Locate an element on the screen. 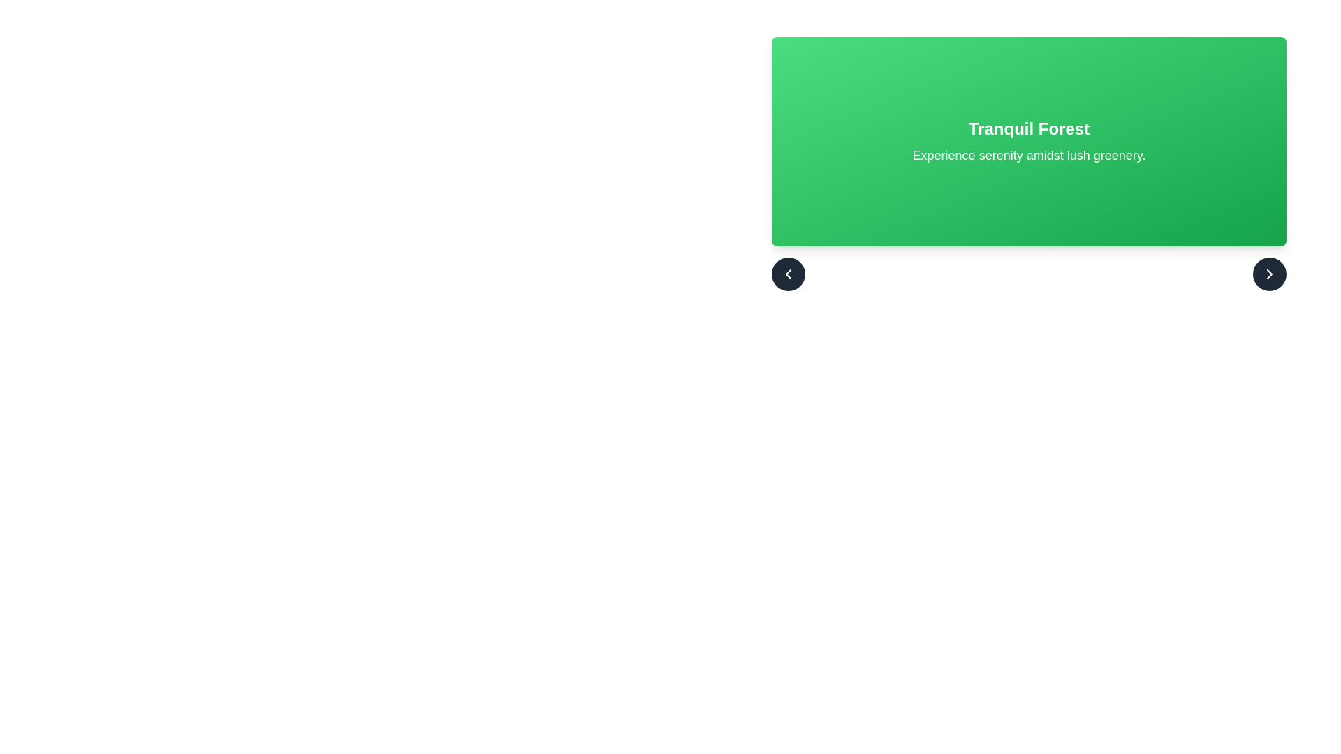 The height and width of the screenshot is (754, 1341). the button containing the left-facing chevron icon in the bottom-left corner of the green card labeled 'Tranquil Forest.' is located at coordinates (788, 274).